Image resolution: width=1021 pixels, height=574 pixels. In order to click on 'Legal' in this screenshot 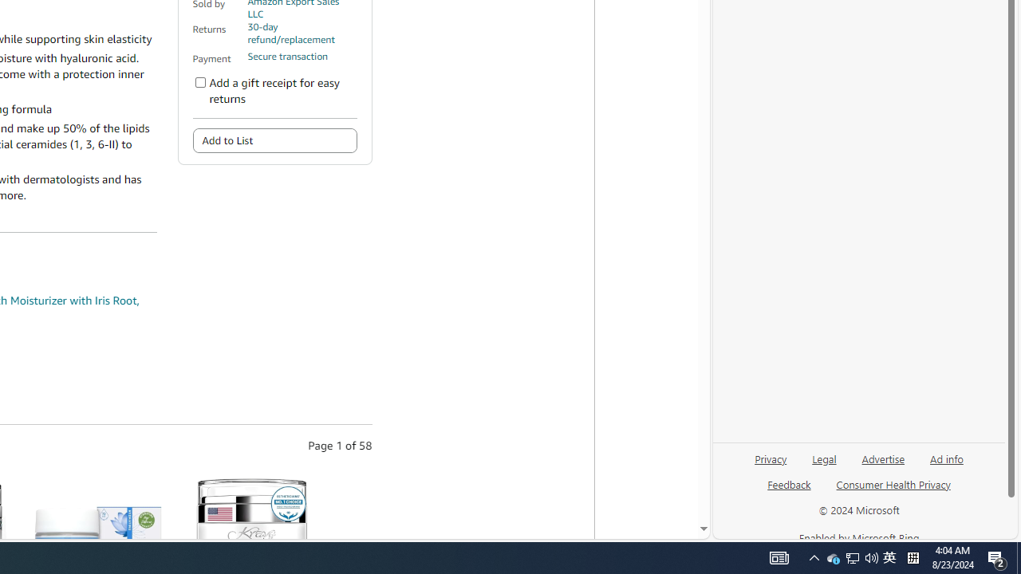, I will do `click(824, 465)`.